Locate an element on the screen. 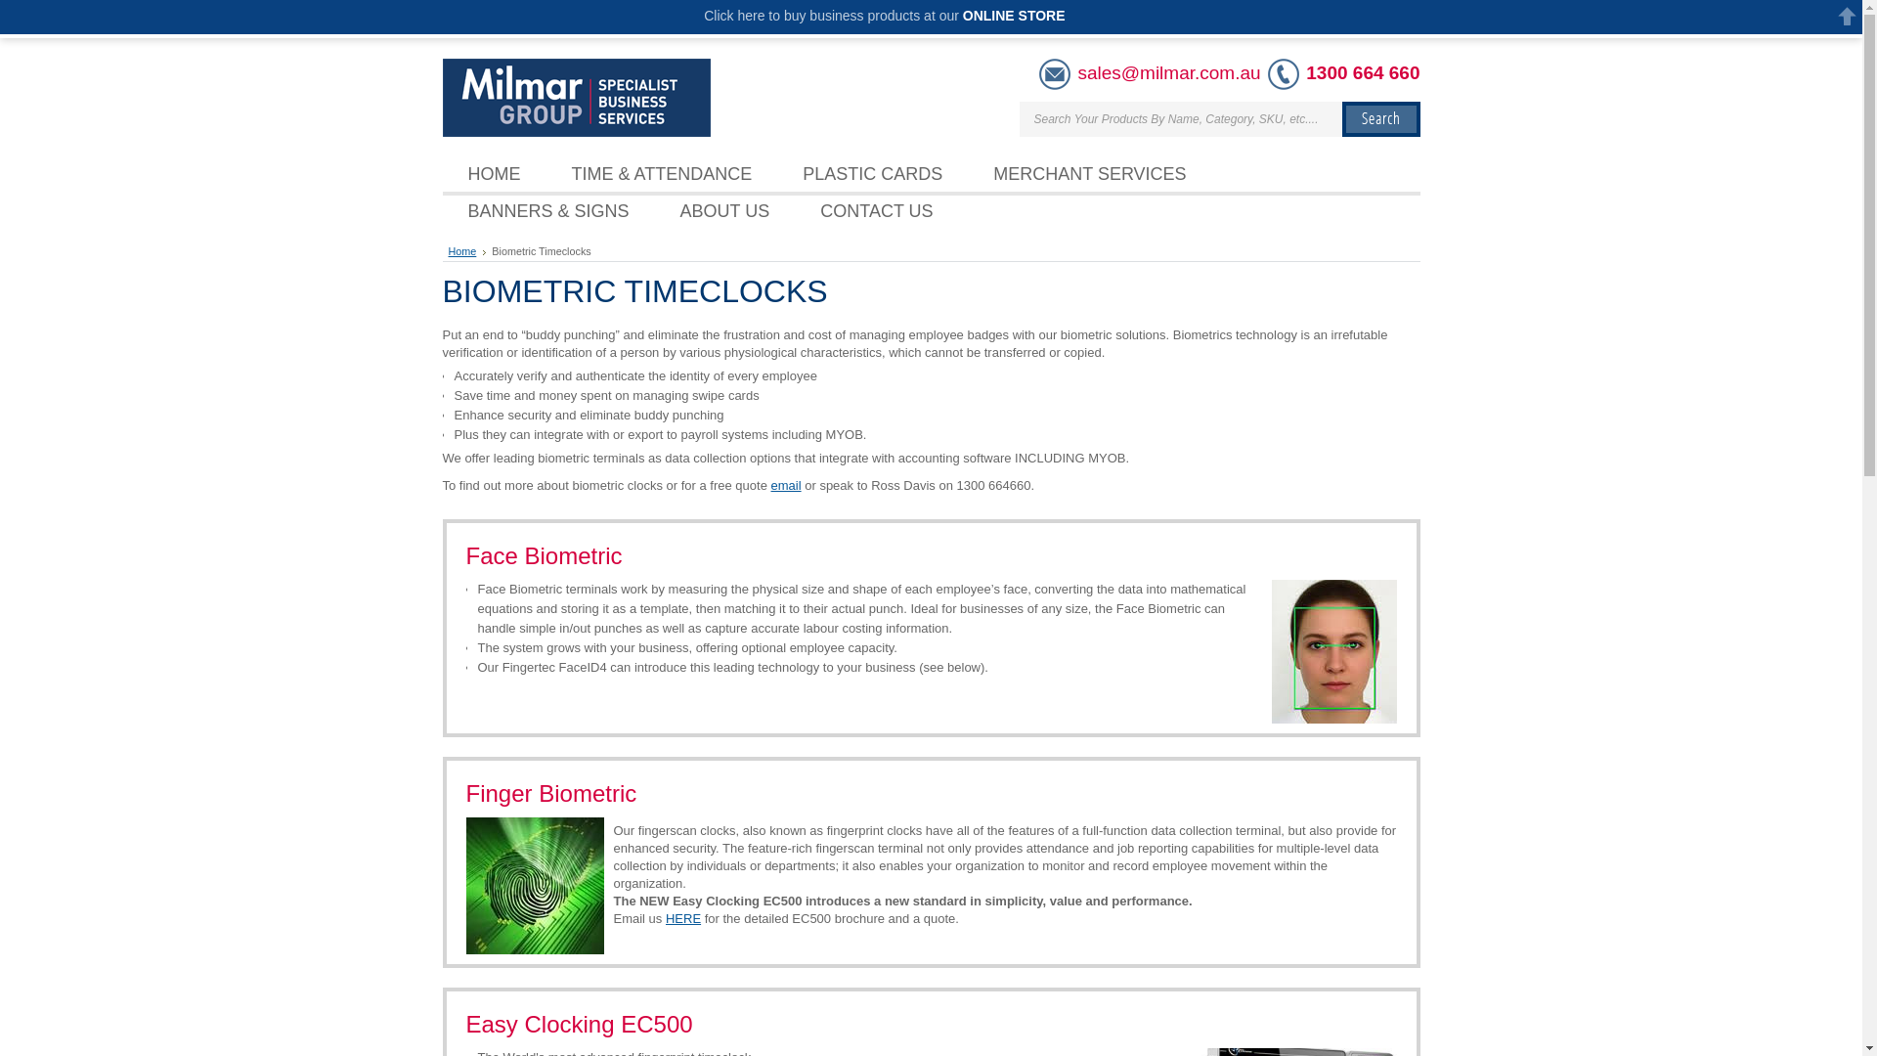  'ONLINE STORE' is located at coordinates (1014, 15).